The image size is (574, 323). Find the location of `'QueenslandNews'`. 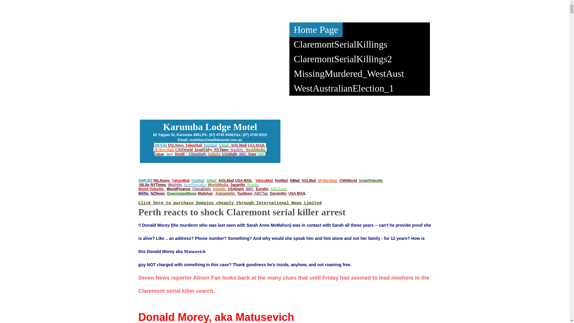

'QueenslandNews' is located at coordinates (181, 194).